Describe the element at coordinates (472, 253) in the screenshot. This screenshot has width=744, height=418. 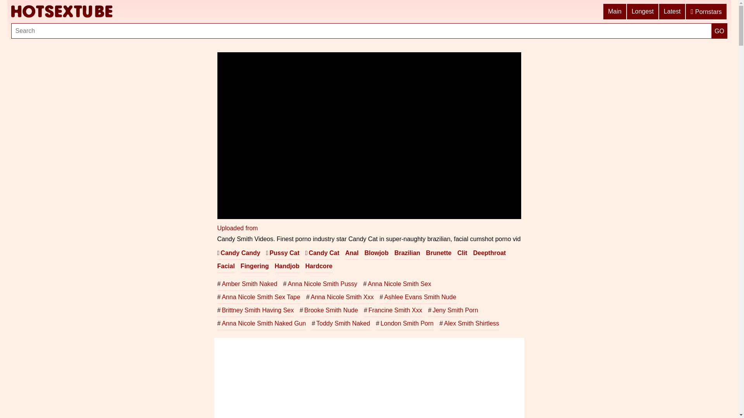
I see `'Deepthroat'` at that location.